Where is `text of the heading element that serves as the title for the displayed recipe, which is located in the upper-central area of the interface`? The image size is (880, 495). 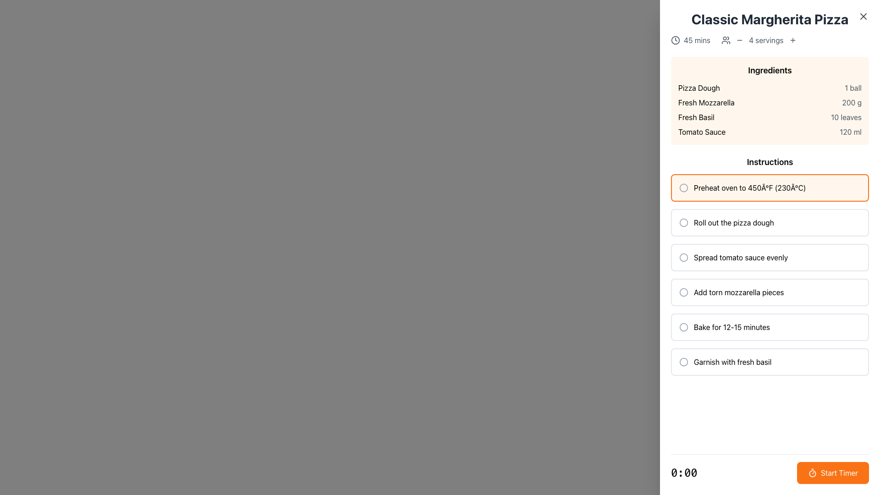
text of the heading element that serves as the title for the displayed recipe, which is located in the upper-central area of the interface is located at coordinates (770, 19).